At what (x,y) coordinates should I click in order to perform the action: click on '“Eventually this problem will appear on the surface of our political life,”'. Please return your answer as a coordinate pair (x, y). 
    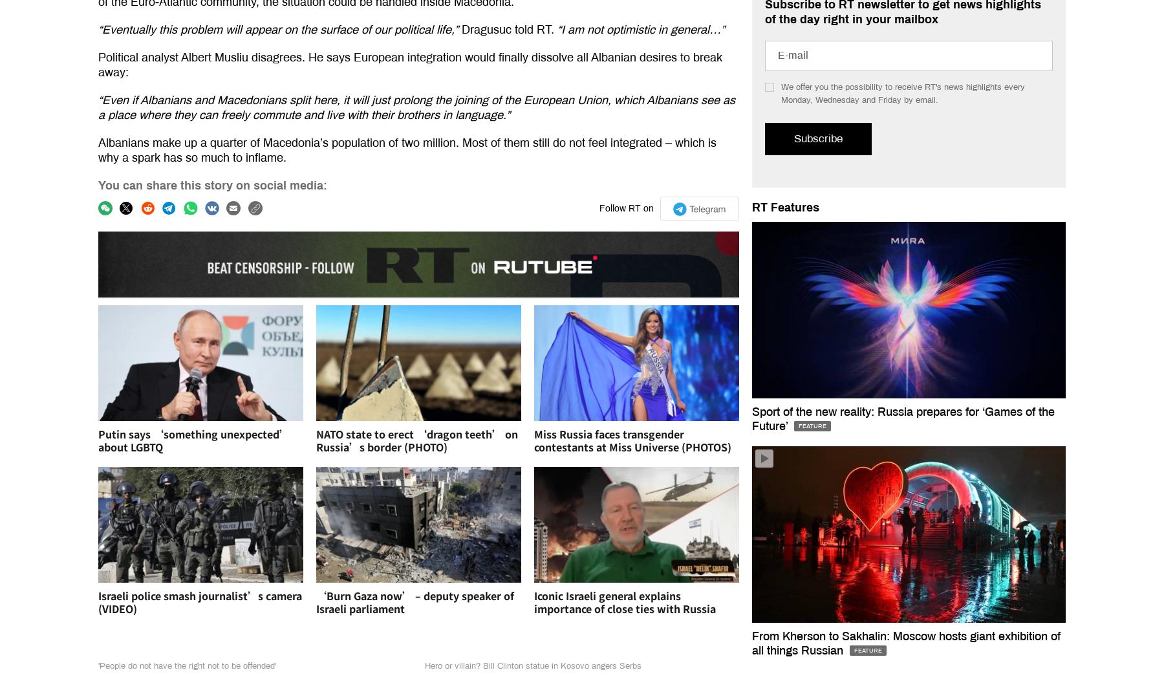
    Looking at the image, I should click on (280, 29).